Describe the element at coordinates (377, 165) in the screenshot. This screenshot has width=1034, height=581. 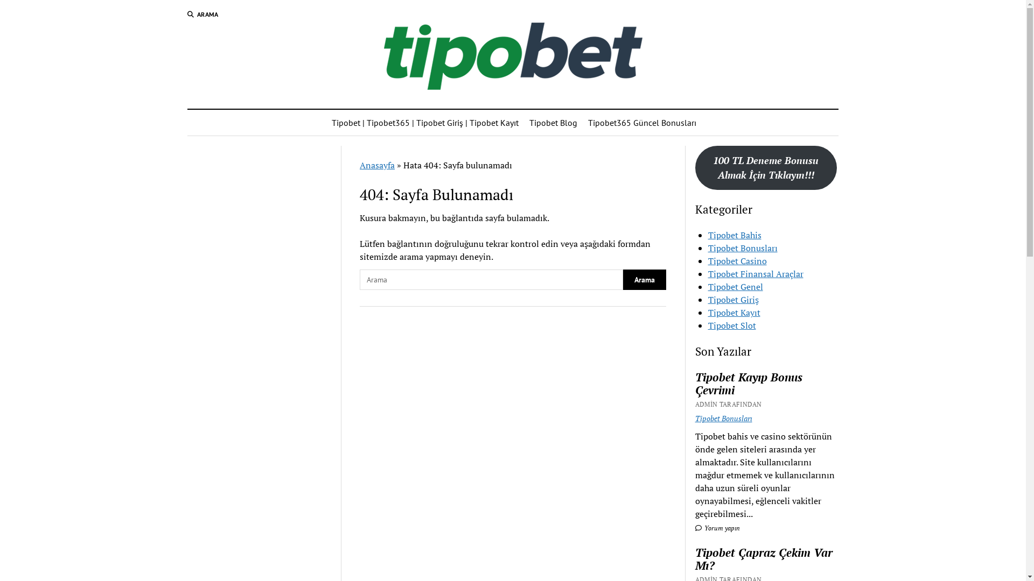
I see `'Anasayfa'` at that location.